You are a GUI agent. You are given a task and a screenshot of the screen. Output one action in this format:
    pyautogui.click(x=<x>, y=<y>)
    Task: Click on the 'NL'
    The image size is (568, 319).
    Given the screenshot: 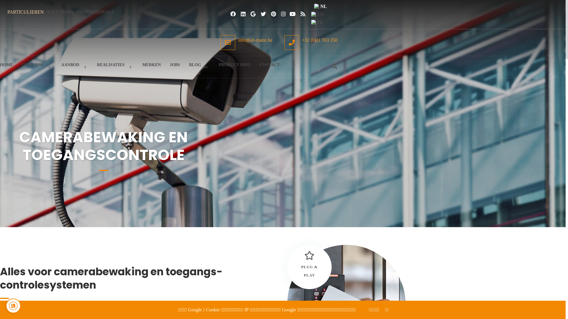 What is the action you would take?
    pyautogui.click(x=320, y=6)
    